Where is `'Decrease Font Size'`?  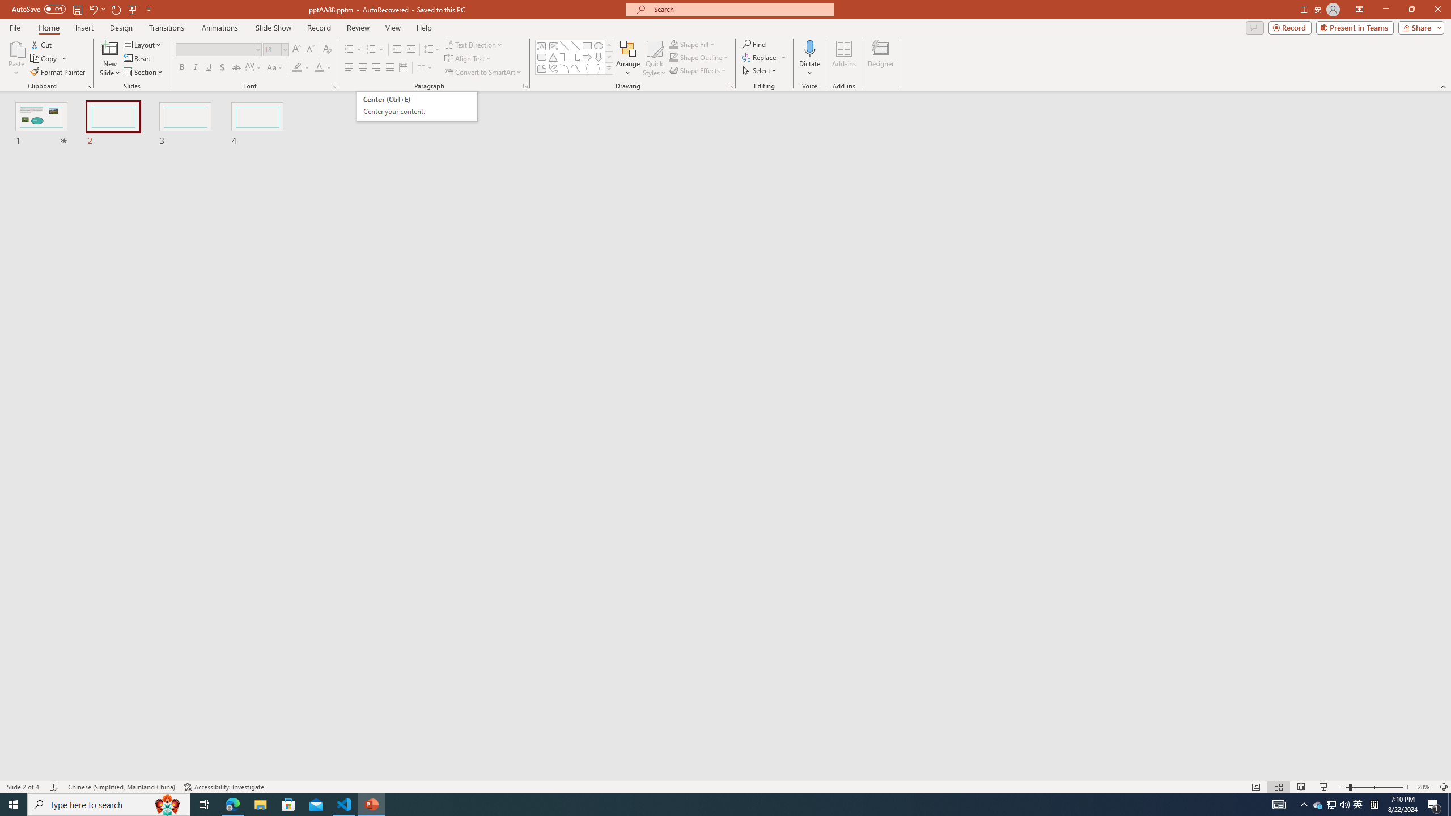 'Decrease Font Size' is located at coordinates (309, 49).